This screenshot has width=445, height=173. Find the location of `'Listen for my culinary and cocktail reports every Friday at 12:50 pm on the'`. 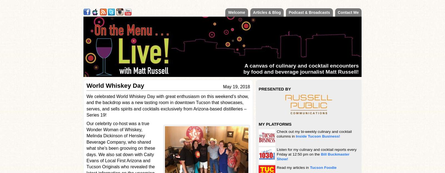

'Listen for my culinary and cocktail reports every Friday at 12:50 pm on the' is located at coordinates (317, 152).